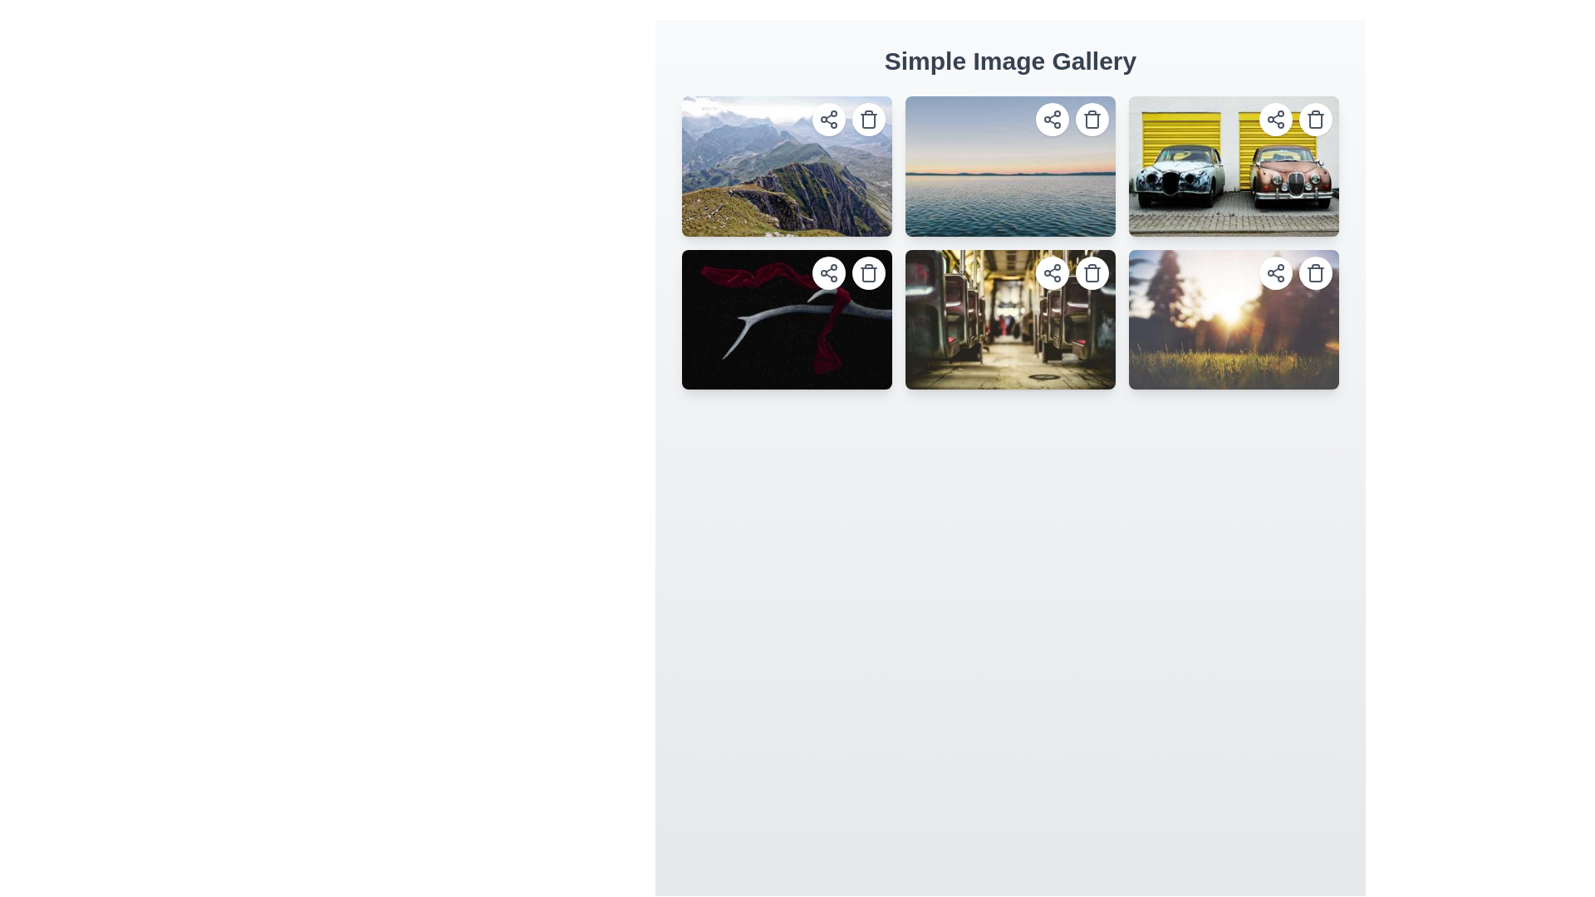 This screenshot has width=1595, height=897. Describe the element at coordinates (1092, 118) in the screenshot. I see `the circular delete button with a white background and a trash bin icon located at the top-right corner of the second image in the grid layout to initiate the delete action` at that location.